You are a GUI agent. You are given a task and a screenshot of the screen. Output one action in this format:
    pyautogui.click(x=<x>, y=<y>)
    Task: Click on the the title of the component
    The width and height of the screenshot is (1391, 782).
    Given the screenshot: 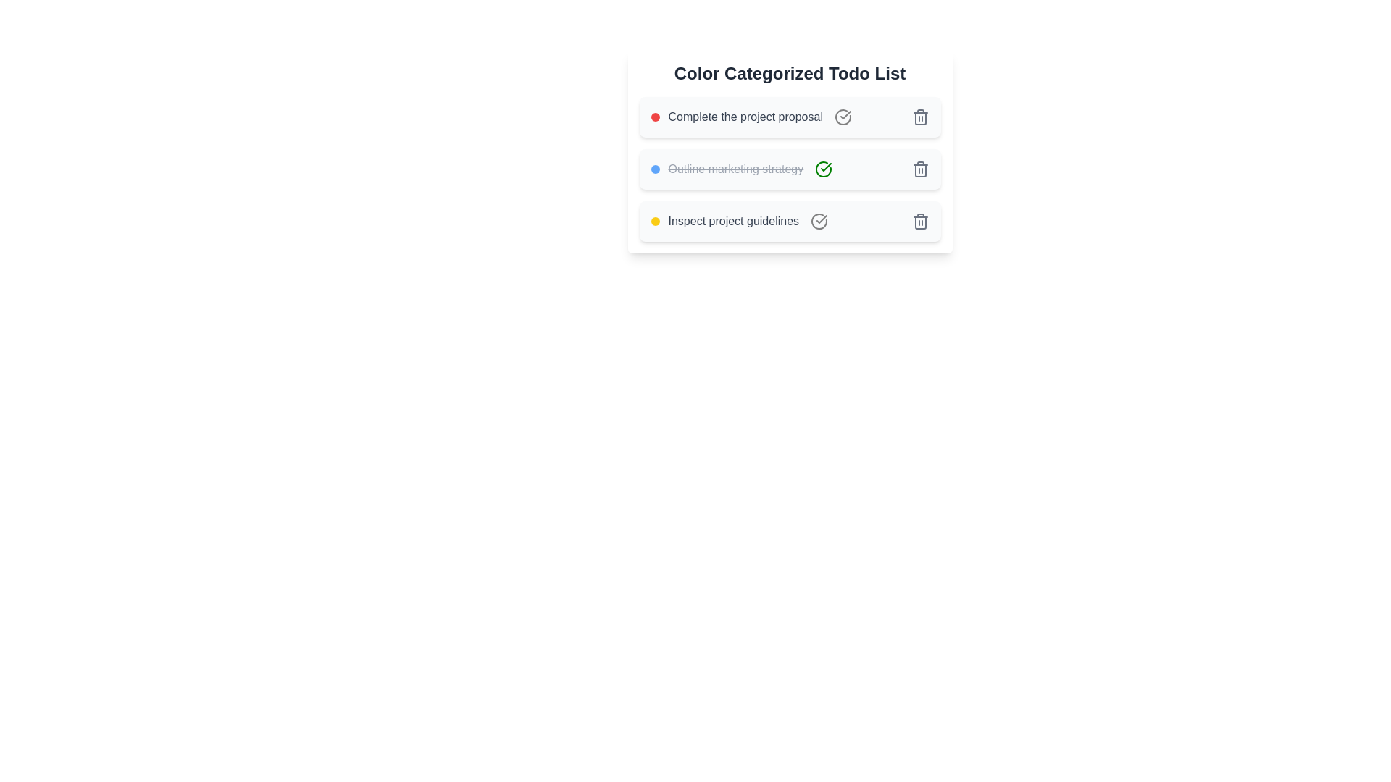 What is the action you would take?
    pyautogui.click(x=789, y=73)
    